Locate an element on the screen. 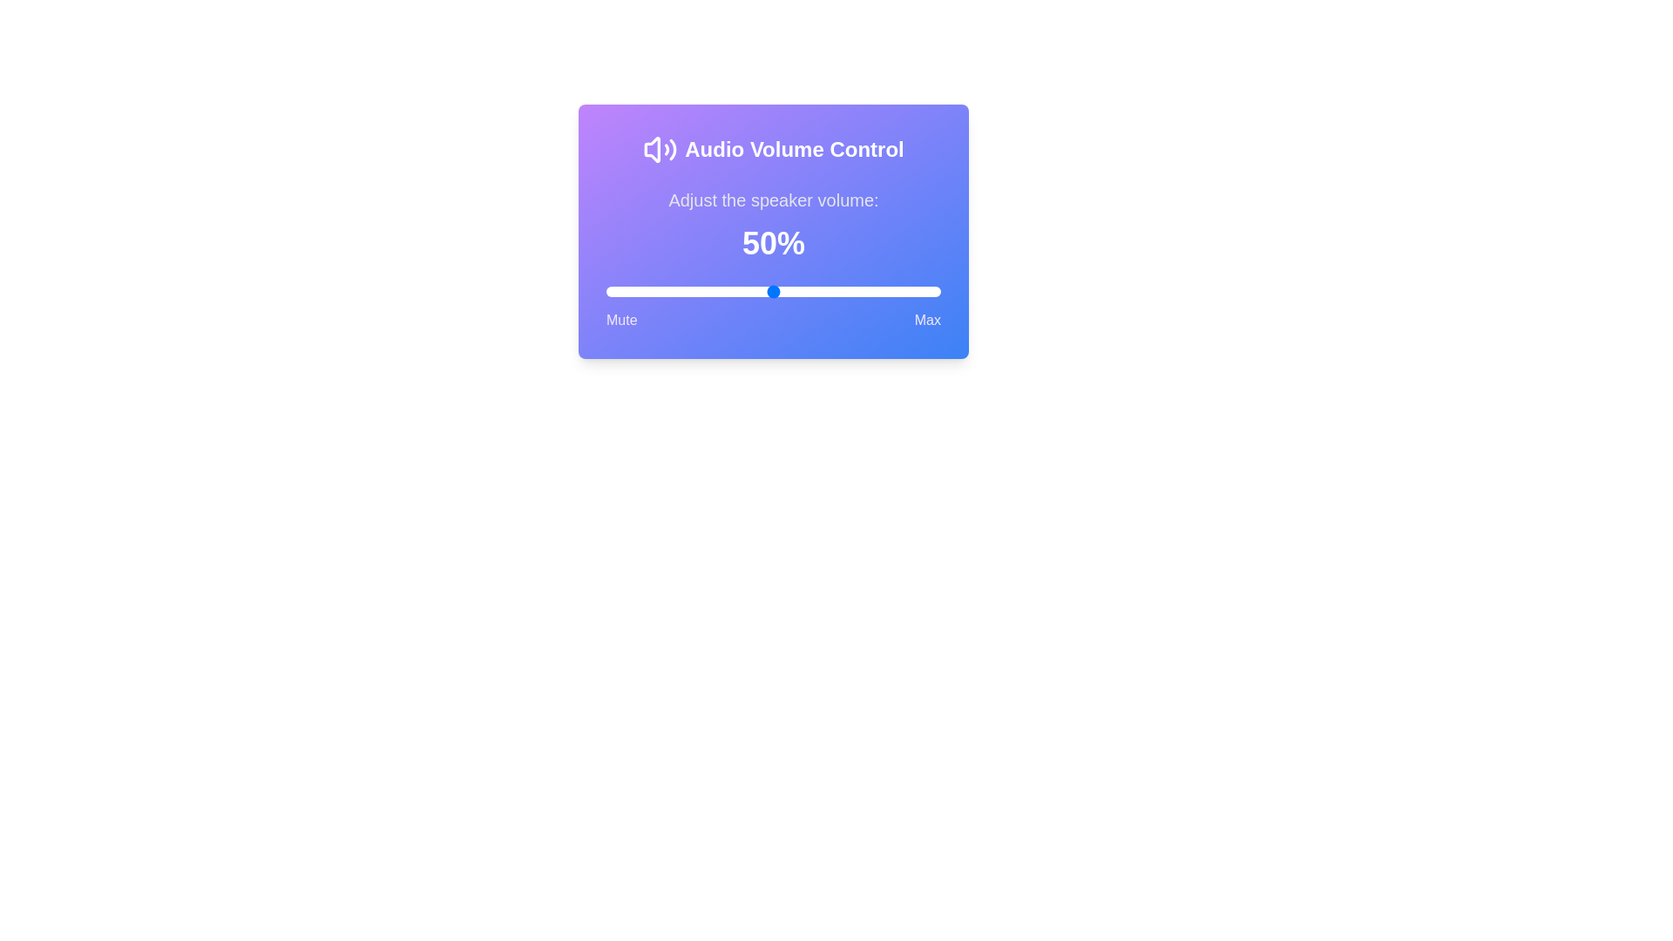 This screenshot has height=941, width=1673. the volume slider to 10% is located at coordinates (639, 291).